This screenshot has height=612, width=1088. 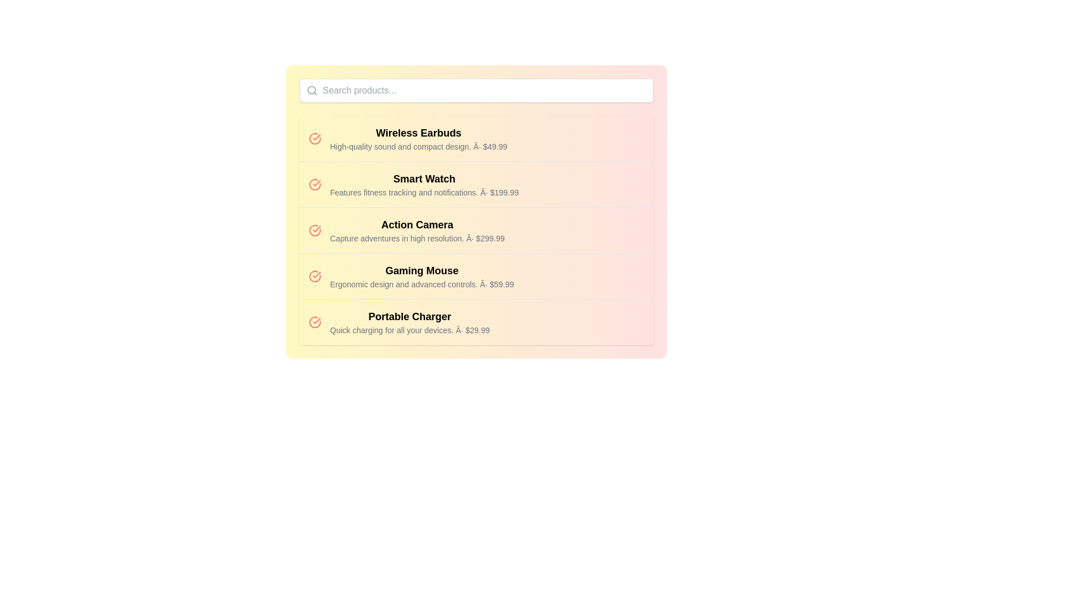 I want to click on the 'Portable Charger' text block which features a bold title and a description, located in a vertically stacked list of products, so click(x=409, y=322).